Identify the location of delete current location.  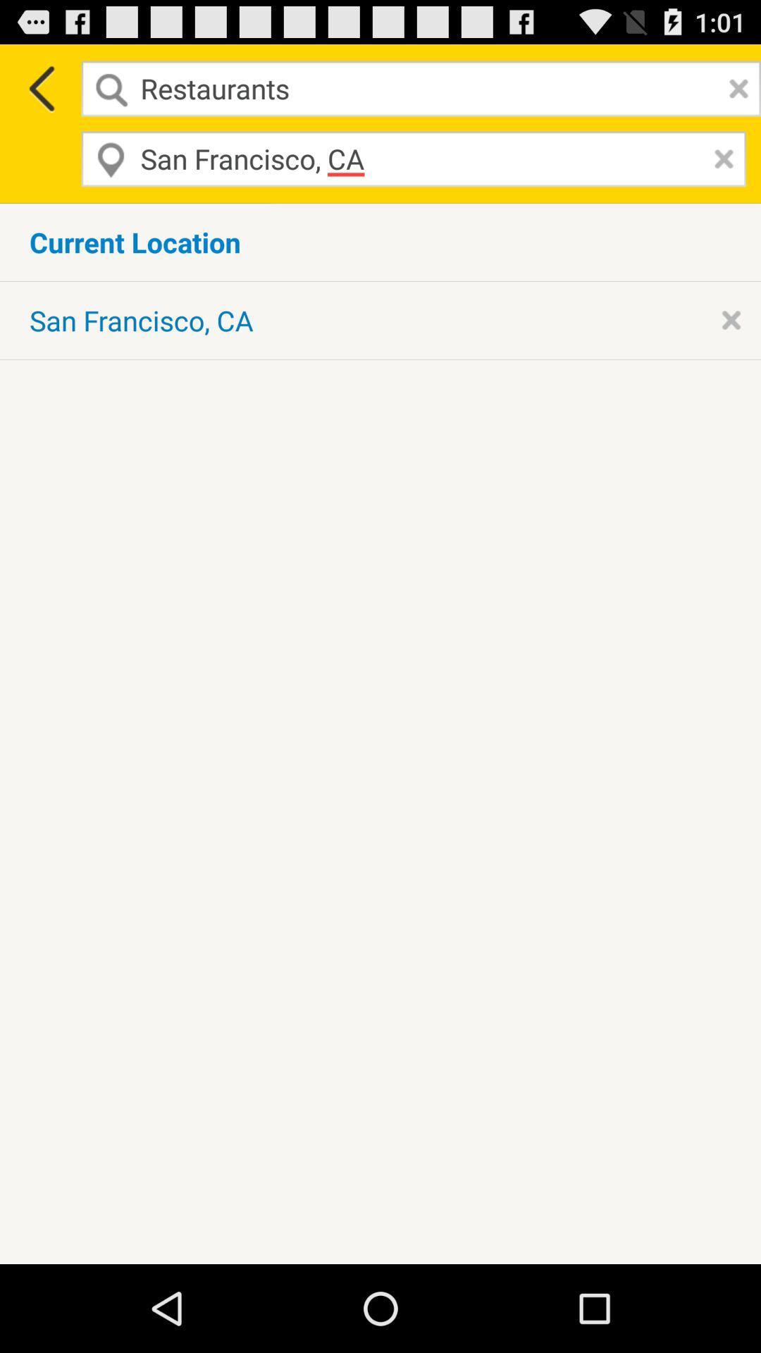
(730, 319).